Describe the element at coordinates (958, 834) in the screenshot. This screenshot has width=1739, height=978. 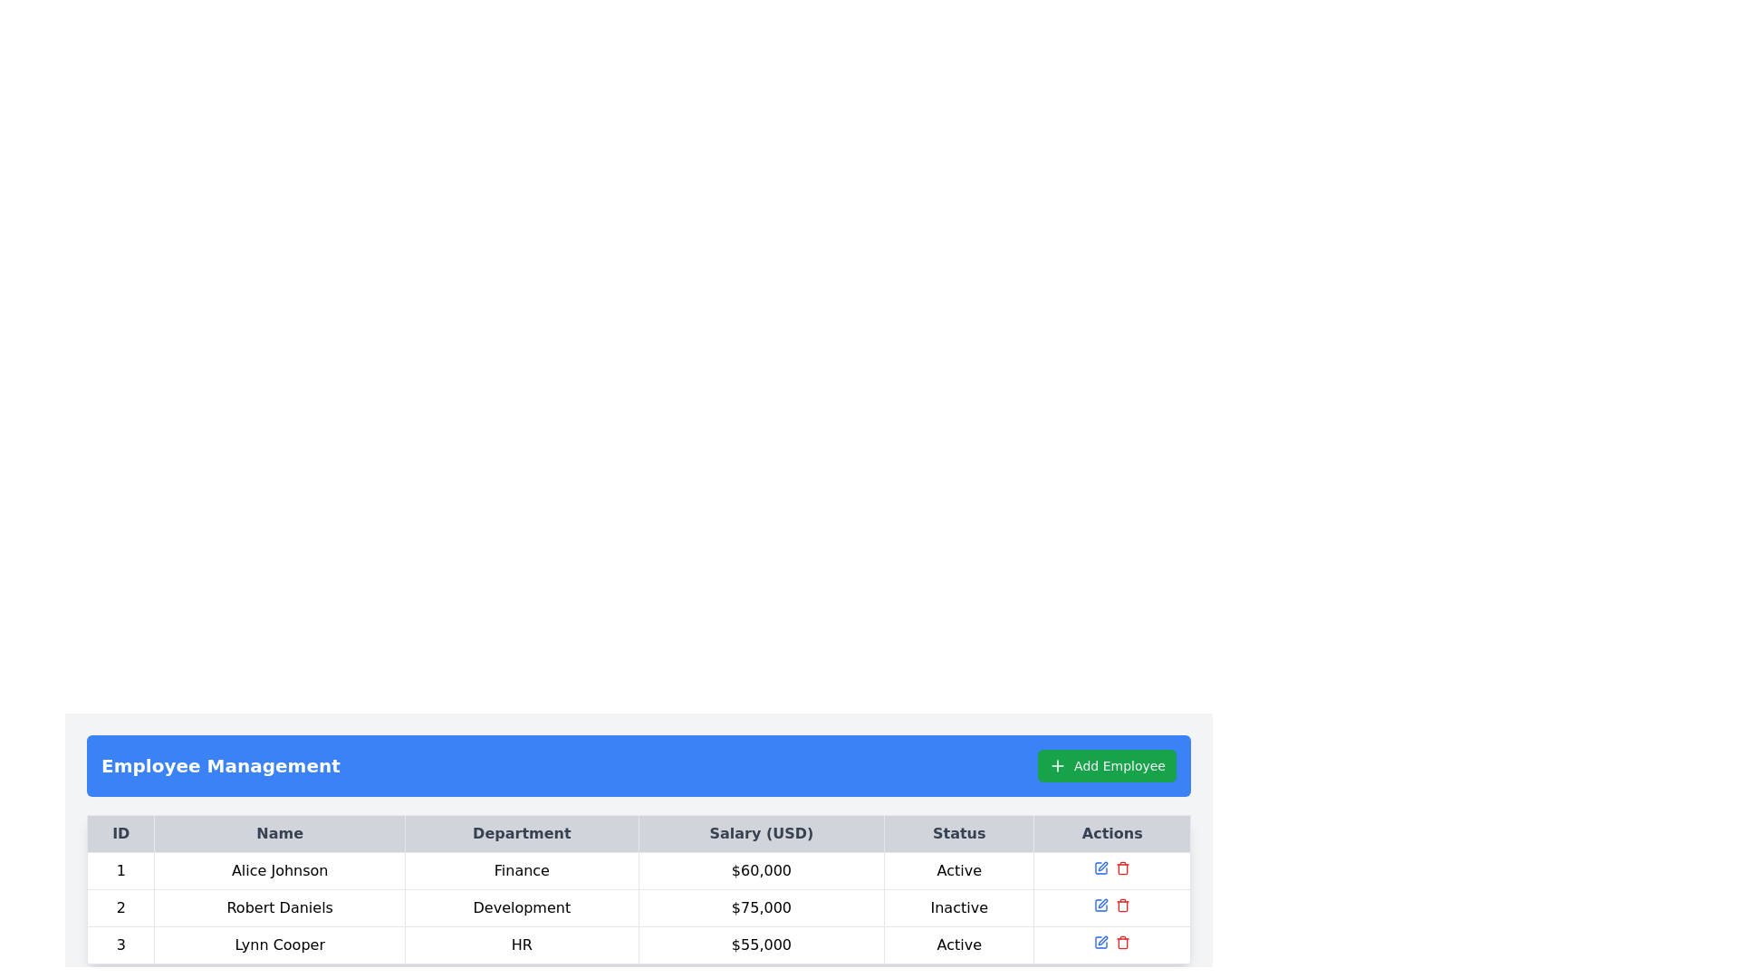
I see `the table header cell labeled 'Status', which is the fifth header in a row of six headers, aligned in the upper-middle region of the interface` at that location.